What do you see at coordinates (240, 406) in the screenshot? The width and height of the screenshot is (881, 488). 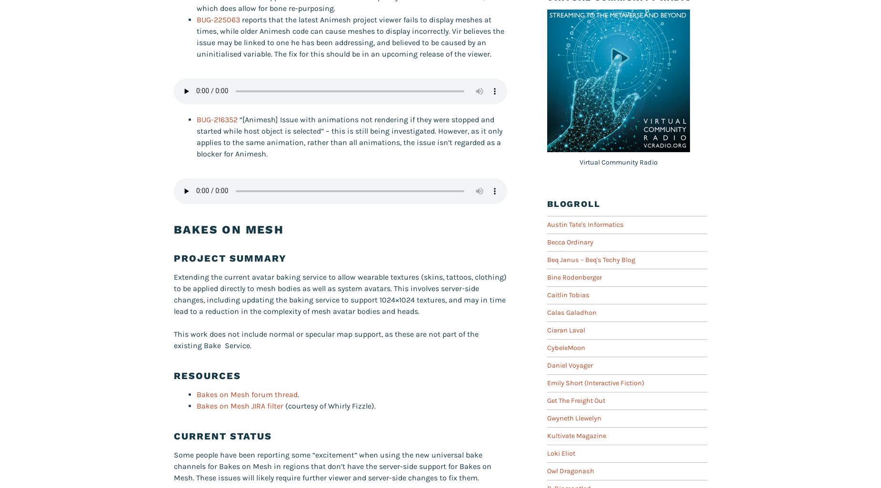 I see `'Bakes on Mesh JIRA filter'` at bounding box center [240, 406].